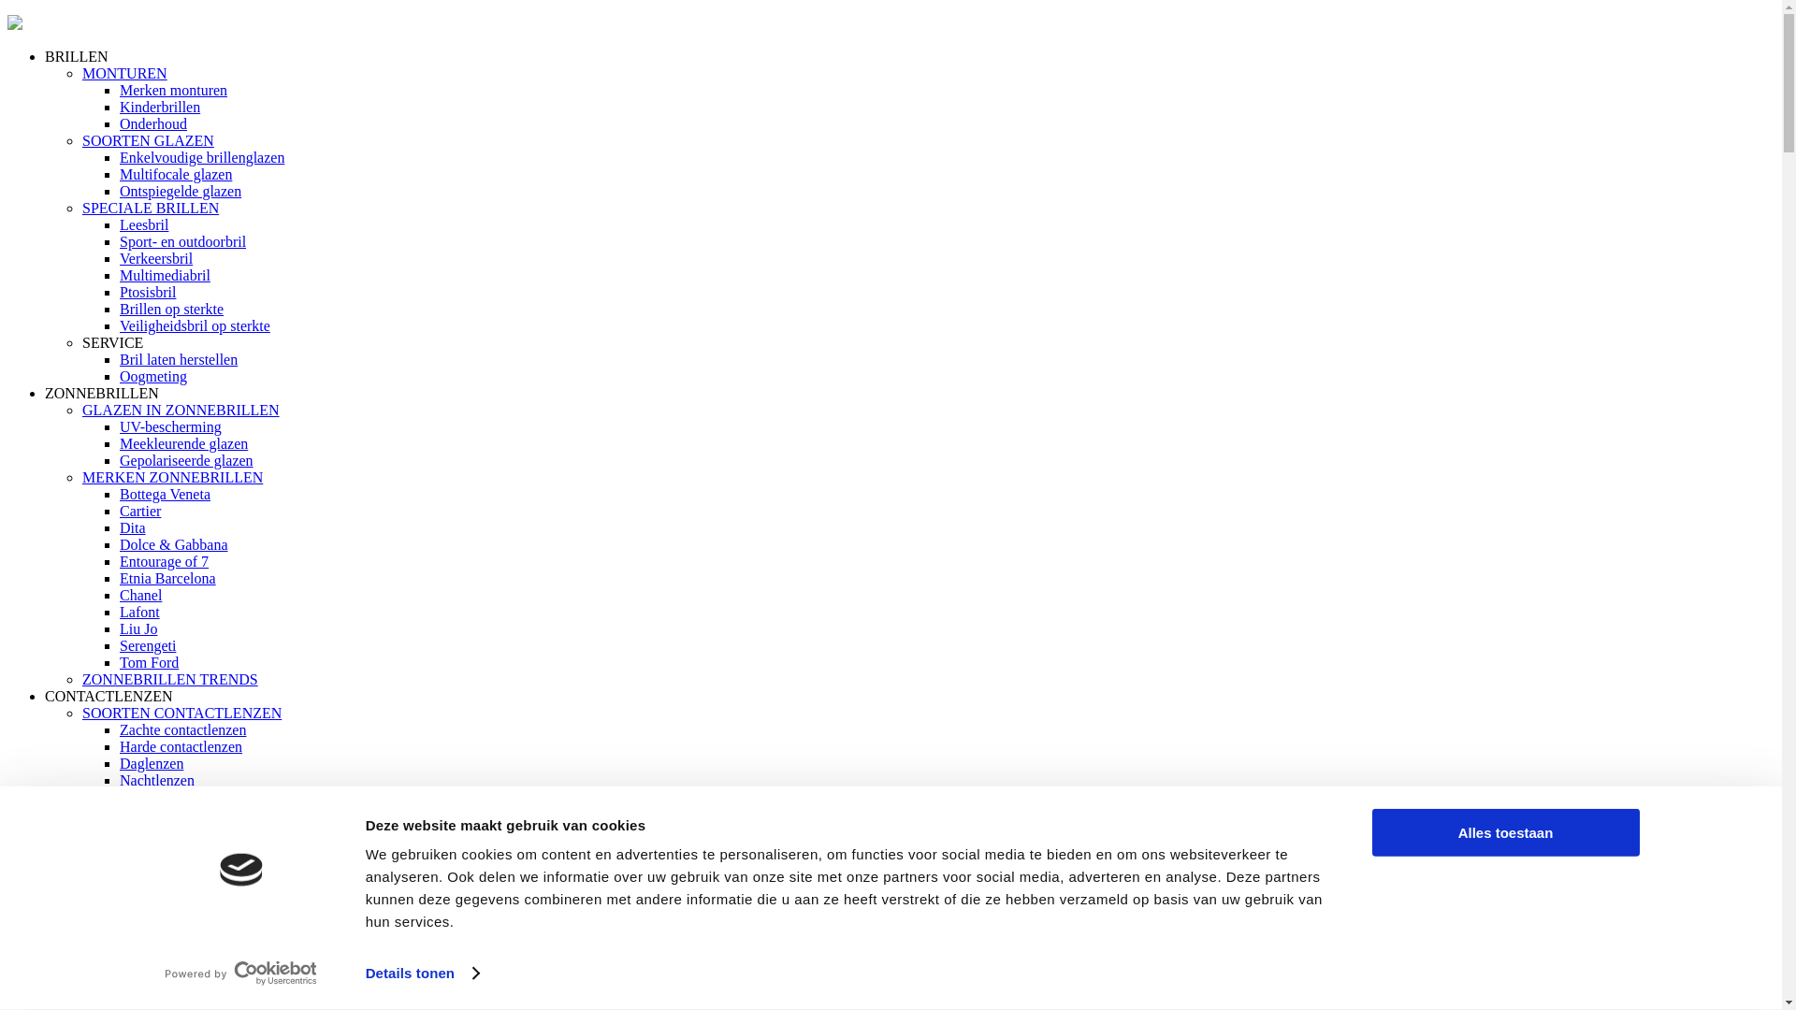 The width and height of the screenshot is (1796, 1010). I want to click on 'Maandlenzen', so click(160, 830).